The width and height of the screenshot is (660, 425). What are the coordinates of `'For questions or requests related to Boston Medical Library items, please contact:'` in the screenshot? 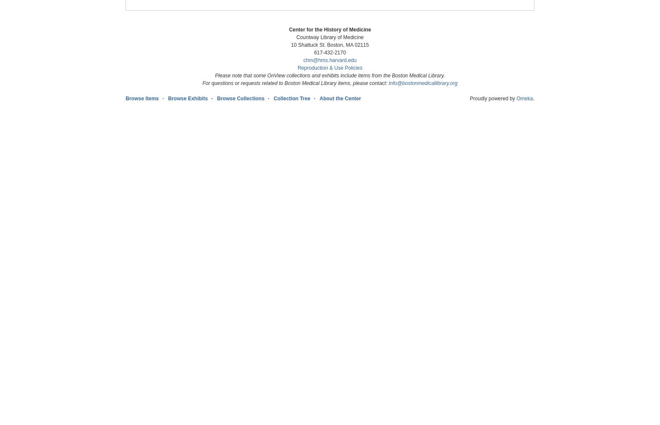 It's located at (295, 83).